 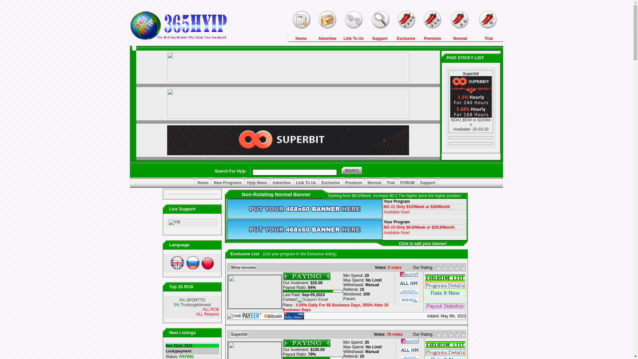 I want to click on 'SPORTTO', so click(x=195, y=300).